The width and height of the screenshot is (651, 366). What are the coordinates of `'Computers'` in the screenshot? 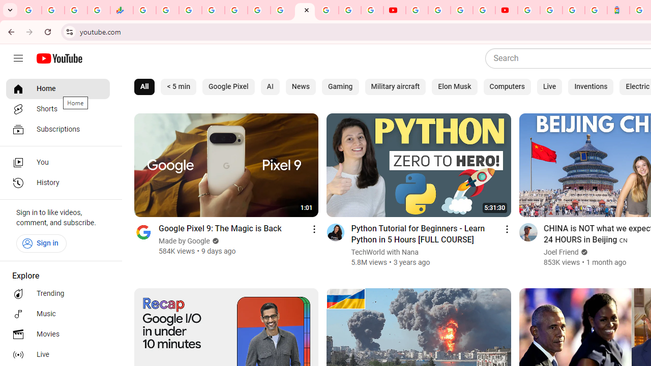 It's located at (507, 86).